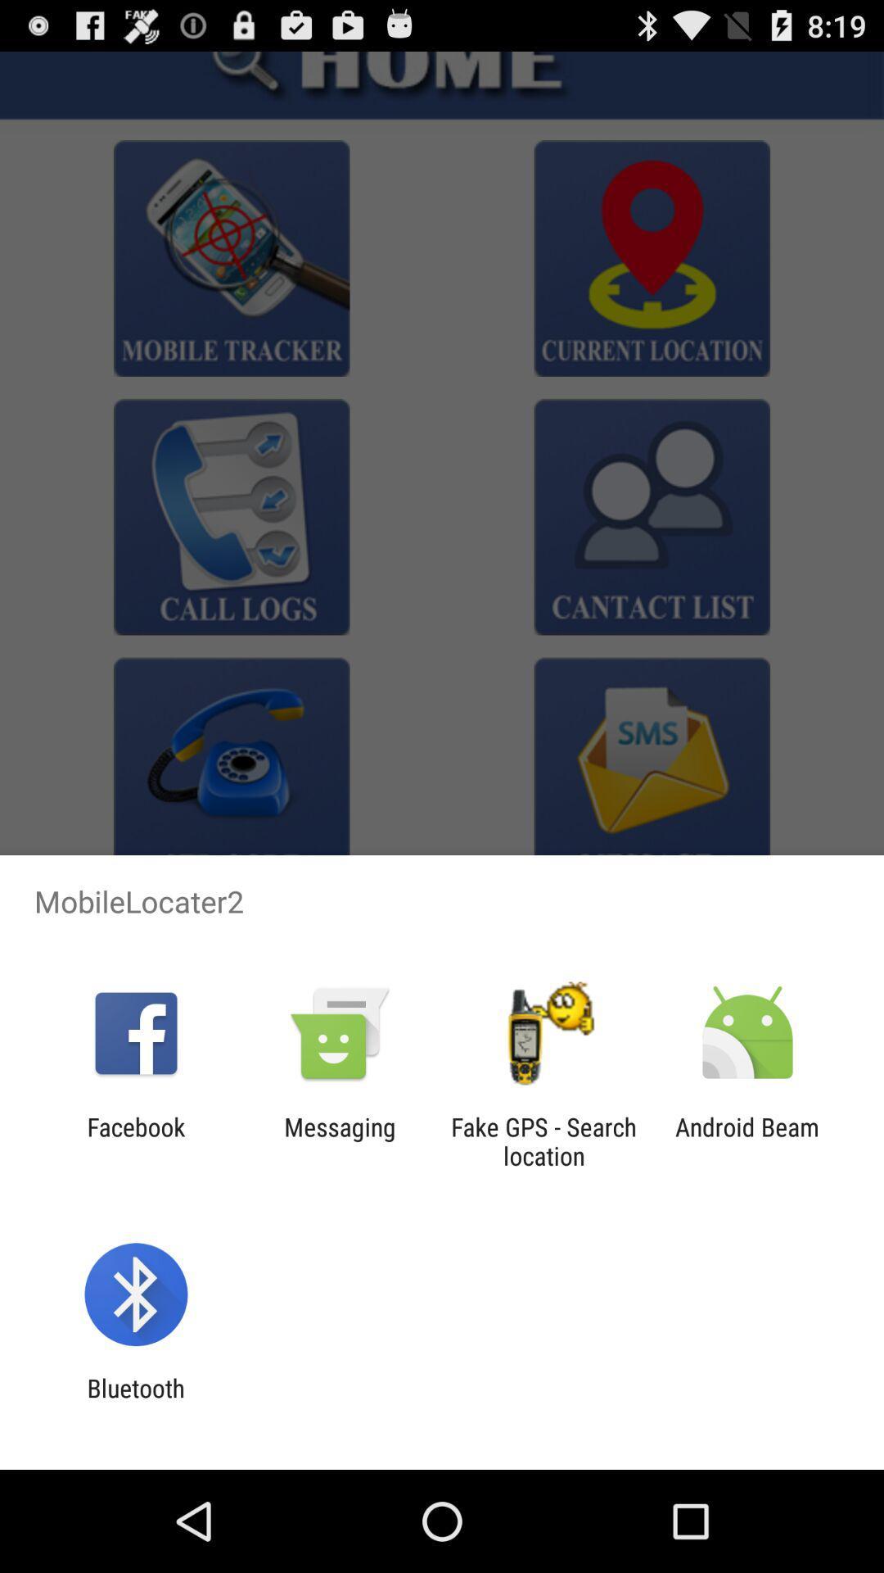 The height and width of the screenshot is (1573, 884). What do you see at coordinates (543, 1140) in the screenshot?
I see `the fake gps search item` at bounding box center [543, 1140].